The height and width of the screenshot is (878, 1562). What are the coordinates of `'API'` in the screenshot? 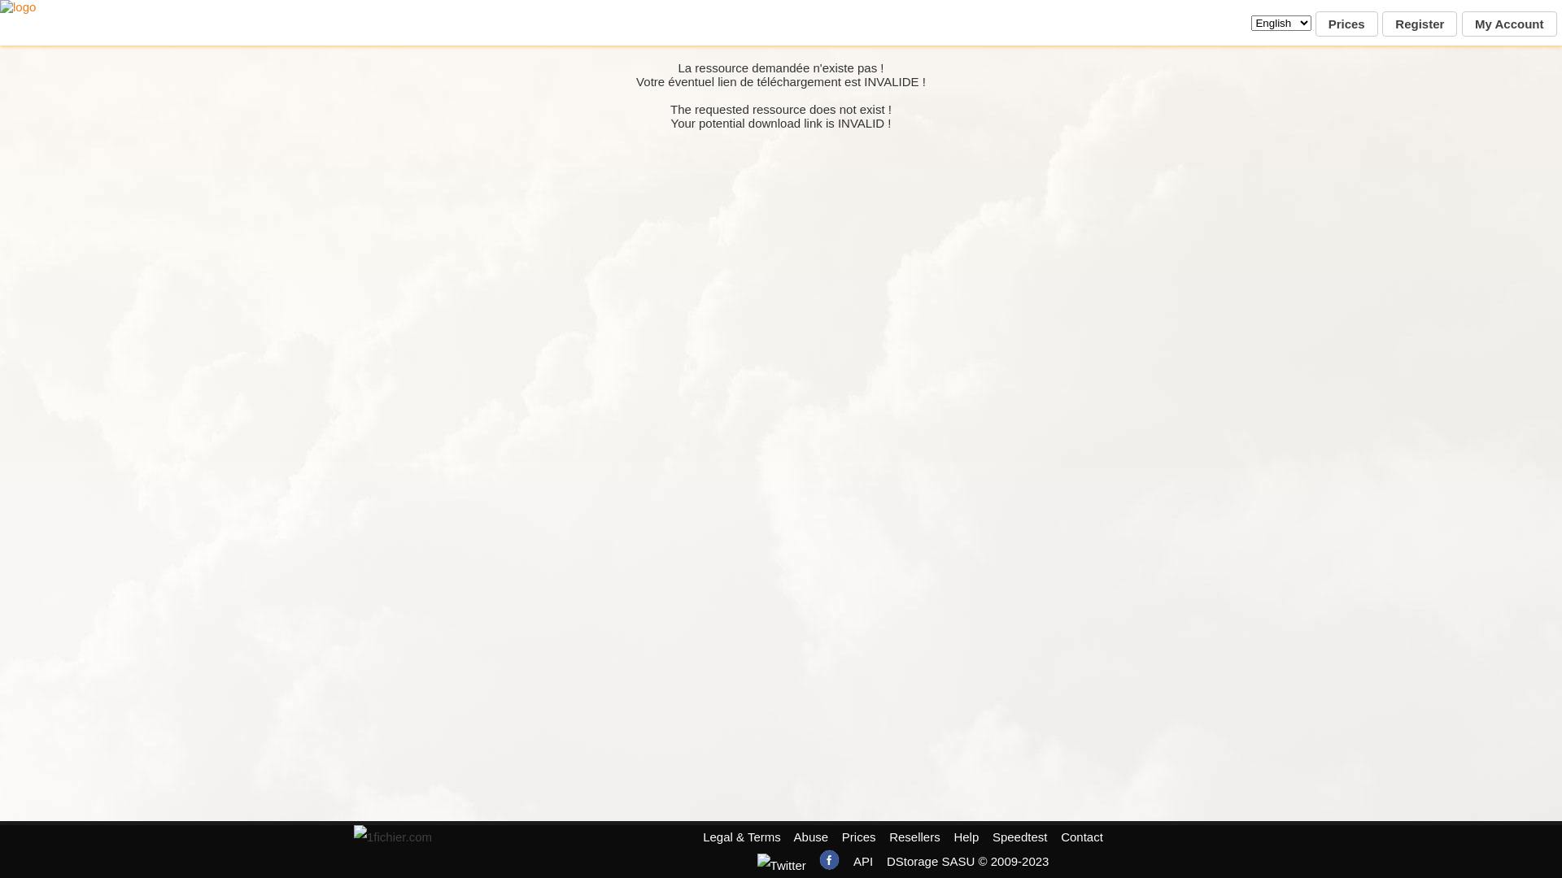 It's located at (862, 860).